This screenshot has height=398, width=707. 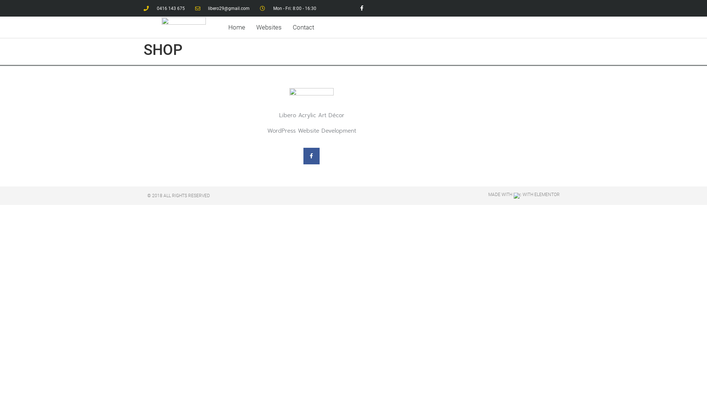 What do you see at coordinates (237, 27) in the screenshot?
I see `'Home'` at bounding box center [237, 27].